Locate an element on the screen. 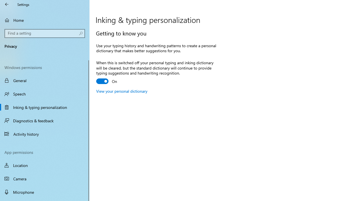  'Location' is located at coordinates (45, 165).